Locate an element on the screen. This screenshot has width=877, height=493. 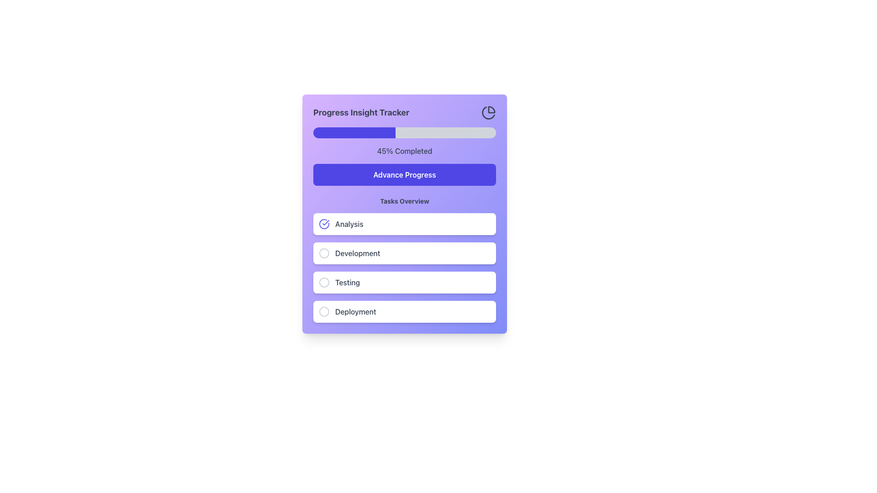
the progress indicator label located directly below the progress bar within the rectangular card component, which provides visual feedback on the current completion percentage is located at coordinates (404, 151).